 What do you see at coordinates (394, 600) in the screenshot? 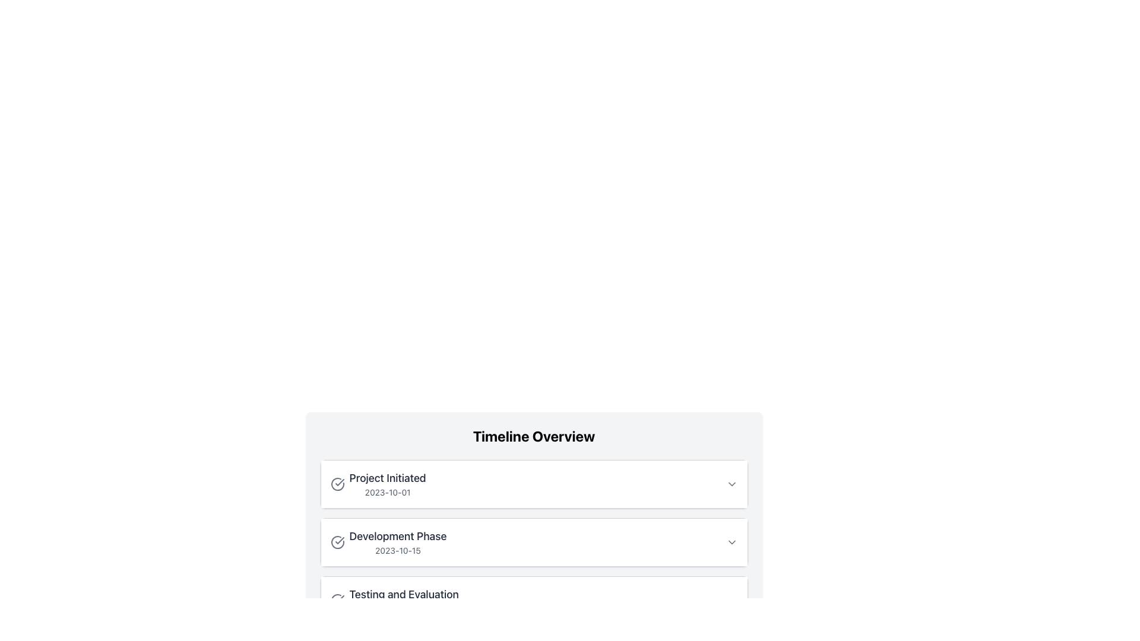
I see `the third text label in the timeline overview` at bounding box center [394, 600].